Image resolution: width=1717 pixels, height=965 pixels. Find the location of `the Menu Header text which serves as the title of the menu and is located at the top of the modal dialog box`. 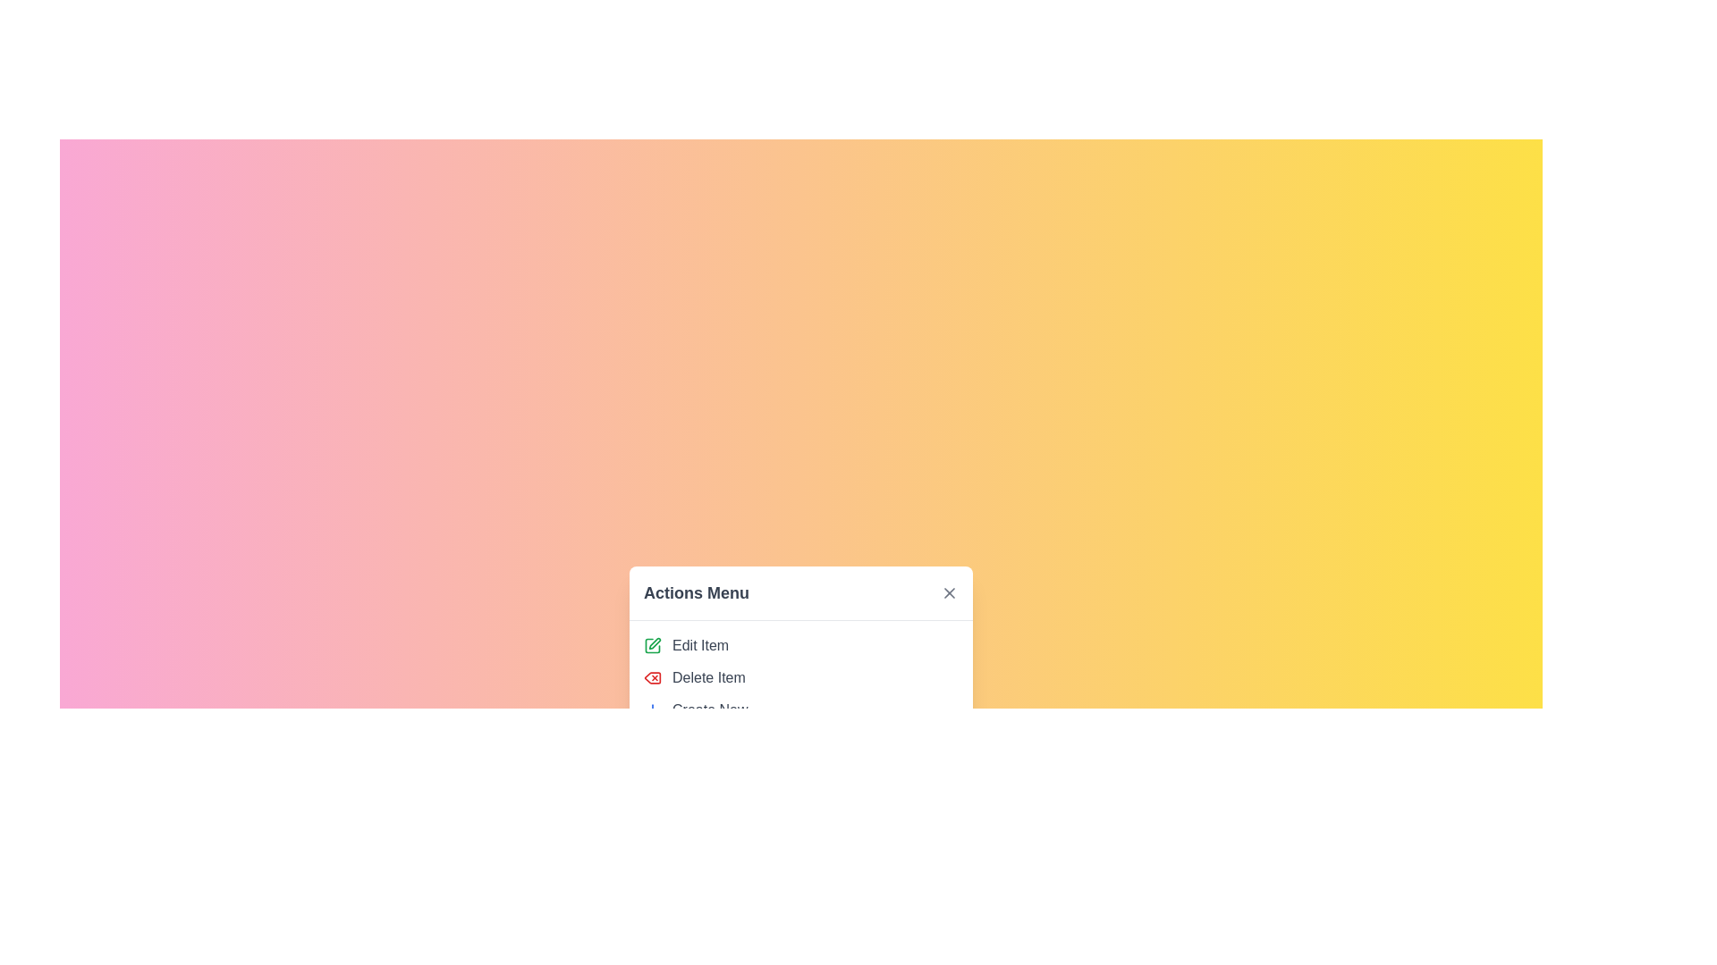

the Menu Header text which serves as the title of the menu and is located at the top of the modal dialog box is located at coordinates (800, 592).